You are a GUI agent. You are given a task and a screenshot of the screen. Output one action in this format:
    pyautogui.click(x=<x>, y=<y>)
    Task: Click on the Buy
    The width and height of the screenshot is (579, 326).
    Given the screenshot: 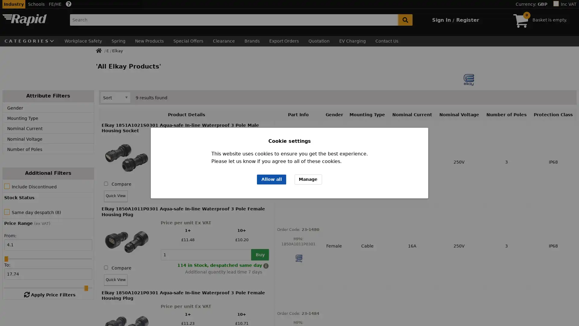 What is the action you would take?
    pyautogui.click(x=260, y=255)
    